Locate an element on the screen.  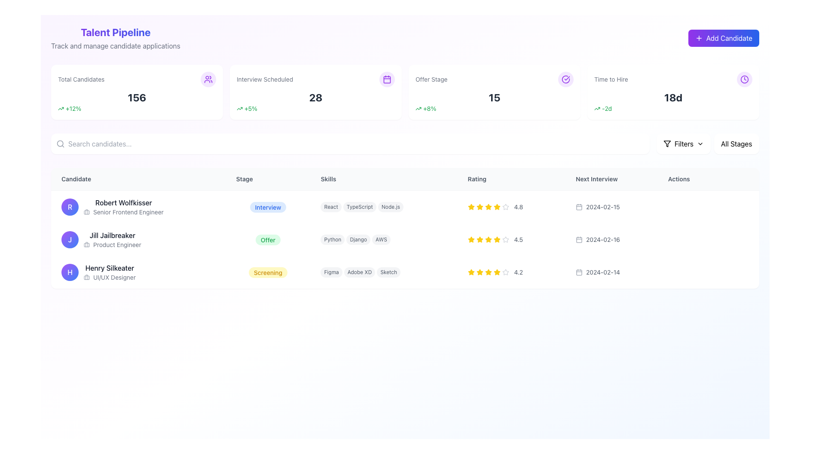
the unselected star icon in the Rating column, first row, fifth position is located at coordinates (505, 207).